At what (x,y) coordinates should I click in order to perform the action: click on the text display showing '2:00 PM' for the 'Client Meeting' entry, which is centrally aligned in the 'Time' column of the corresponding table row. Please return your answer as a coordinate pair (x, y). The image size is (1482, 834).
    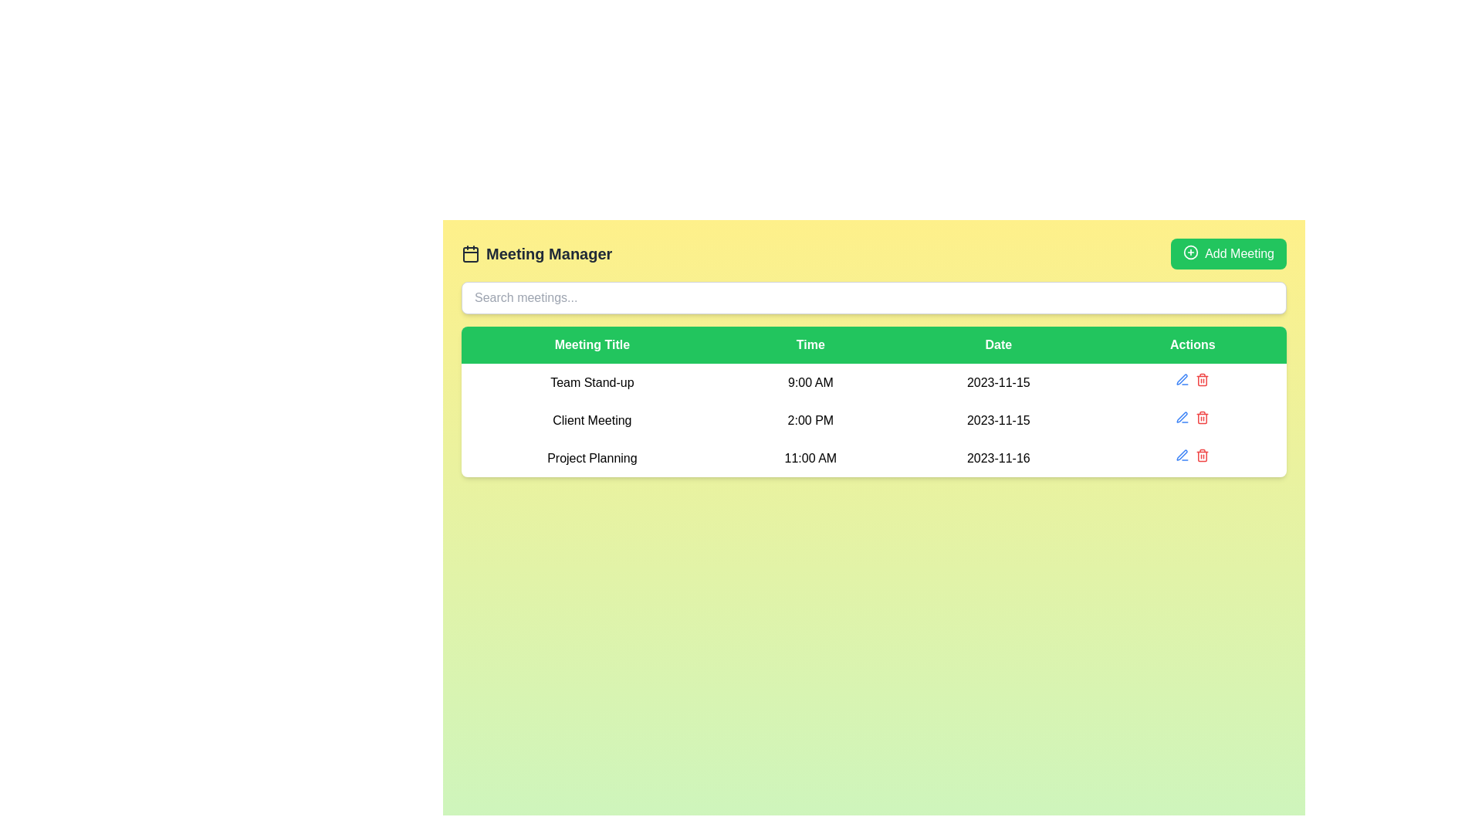
    Looking at the image, I should click on (810, 420).